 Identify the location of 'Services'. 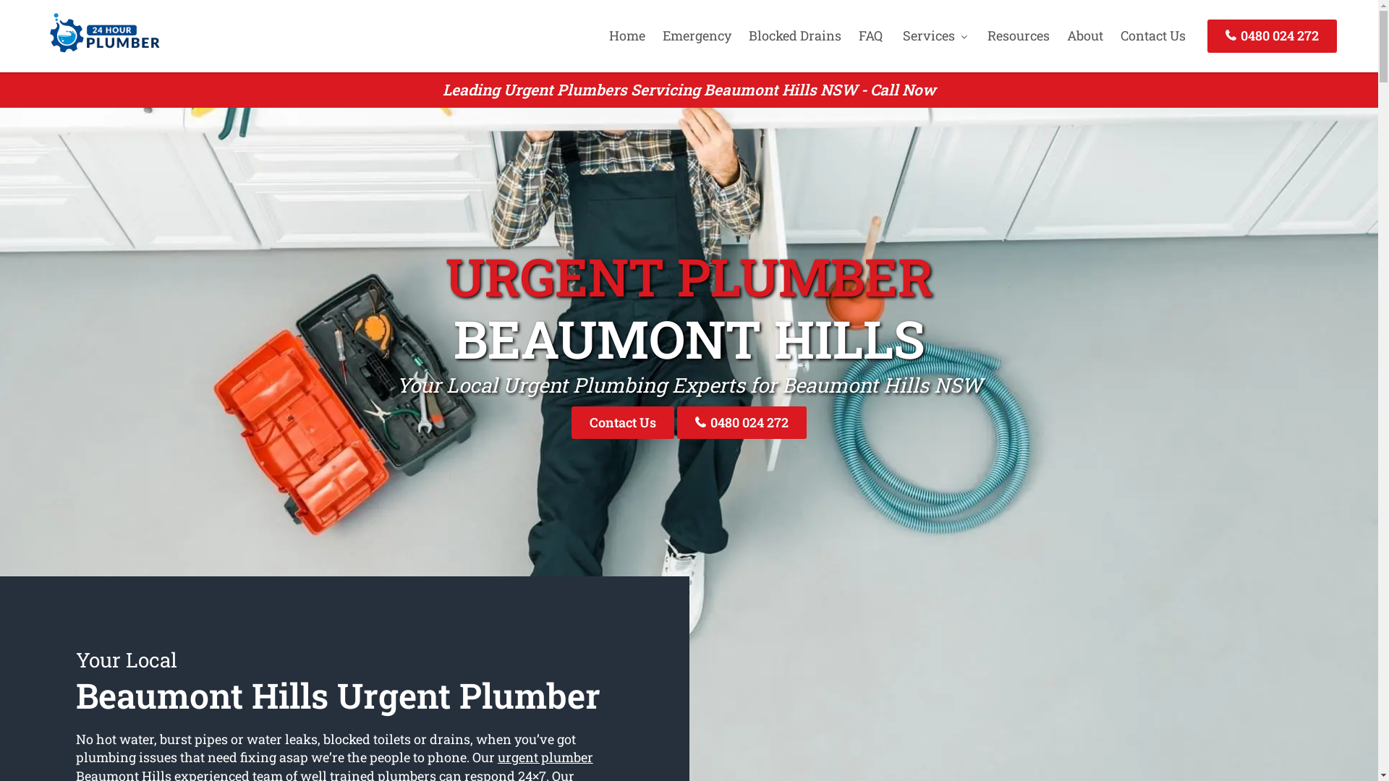
(935, 35).